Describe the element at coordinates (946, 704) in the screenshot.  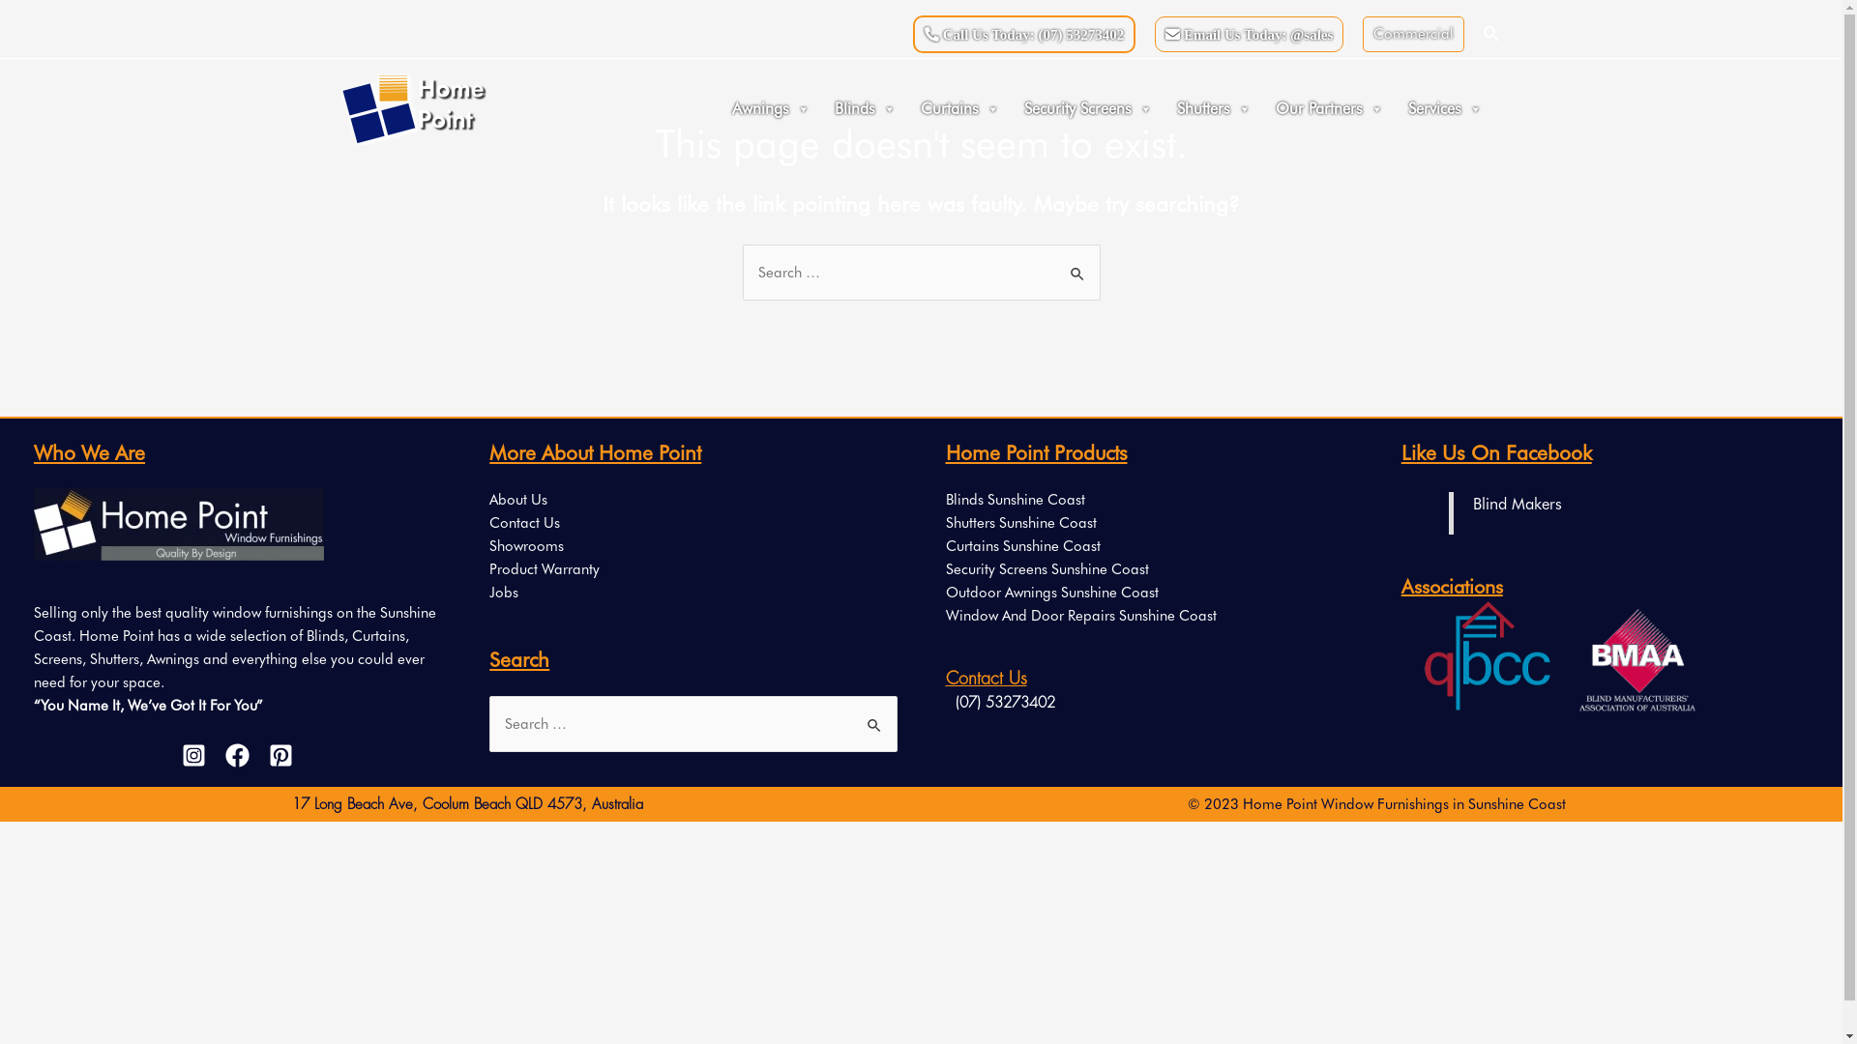
I see `'(07) 53273402'` at that location.